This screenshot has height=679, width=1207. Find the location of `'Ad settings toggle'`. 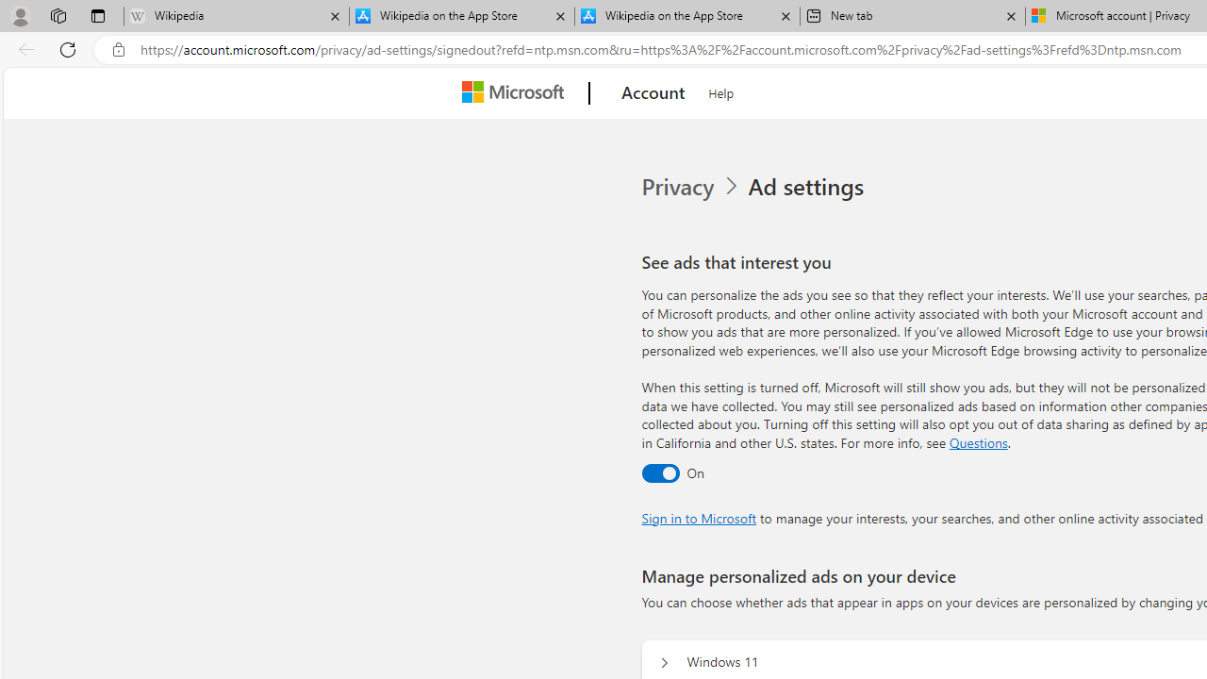

'Ad settings toggle' is located at coordinates (660, 472).